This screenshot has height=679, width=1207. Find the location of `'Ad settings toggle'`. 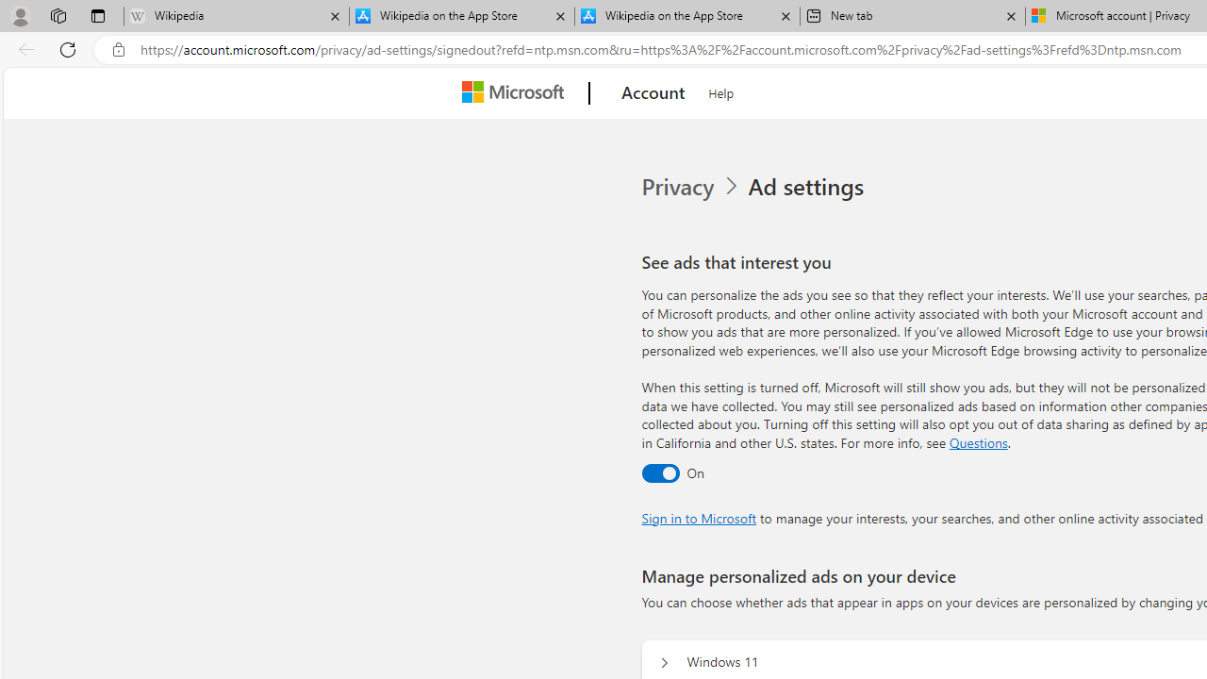

'Ad settings toggle' is located at coordinates (660, 472).